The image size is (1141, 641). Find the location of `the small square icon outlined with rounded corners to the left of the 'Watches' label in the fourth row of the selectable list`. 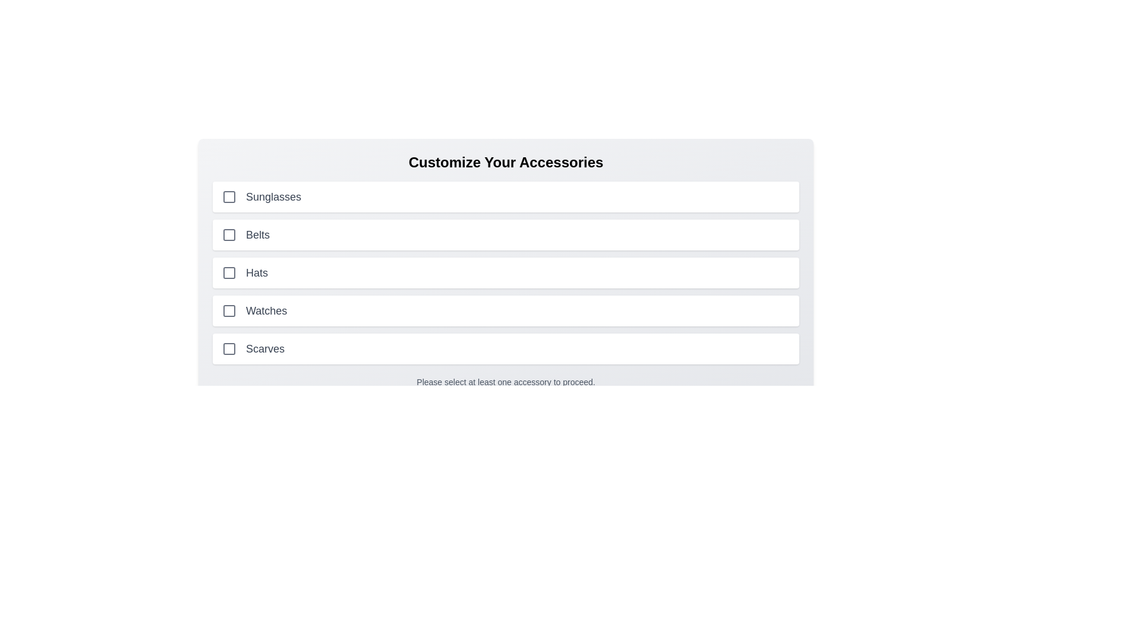

the small square icon outlined with rounded corners to the left of the 'Watches' label in the fourth row of the selectable list is located at coordinates (229, 310).